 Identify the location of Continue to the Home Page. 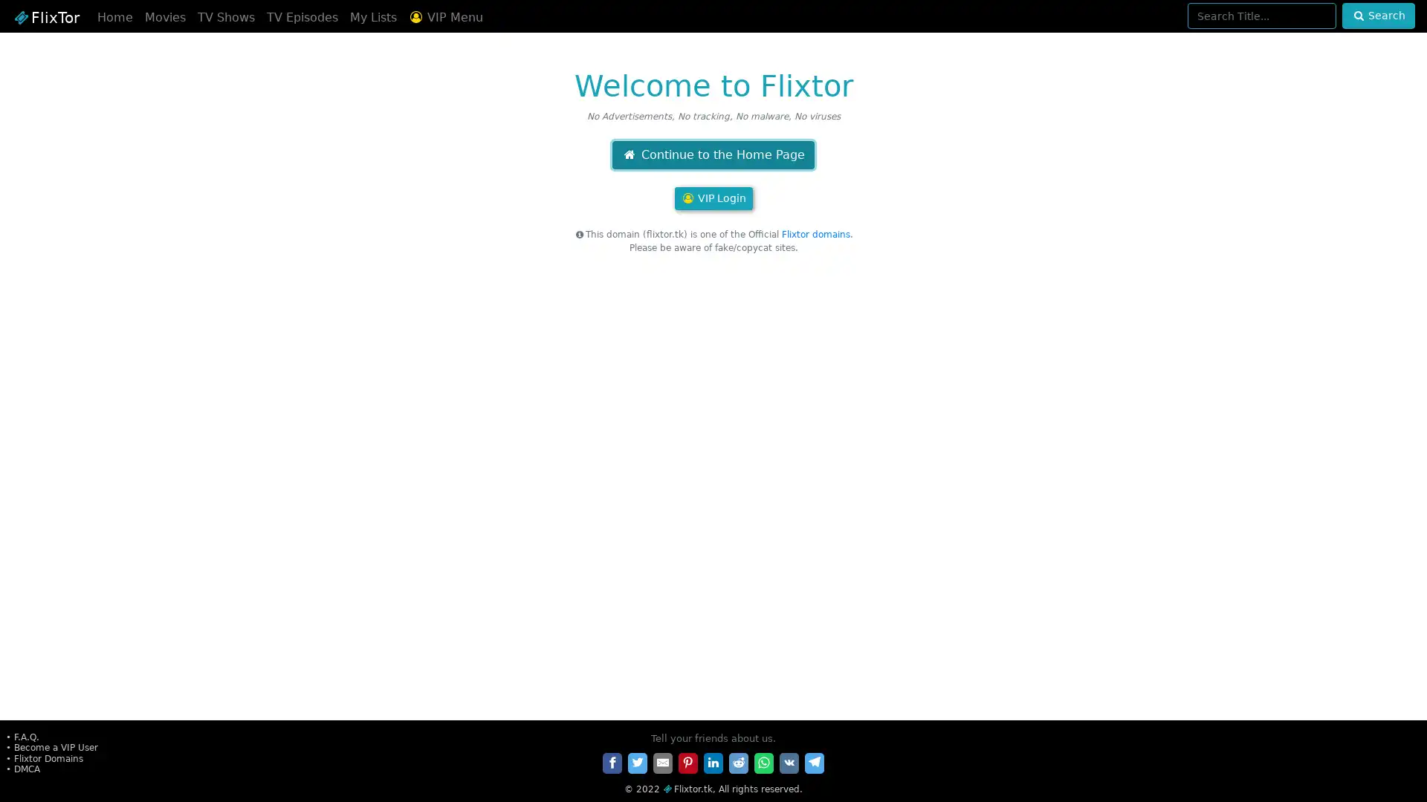
(712, 154).